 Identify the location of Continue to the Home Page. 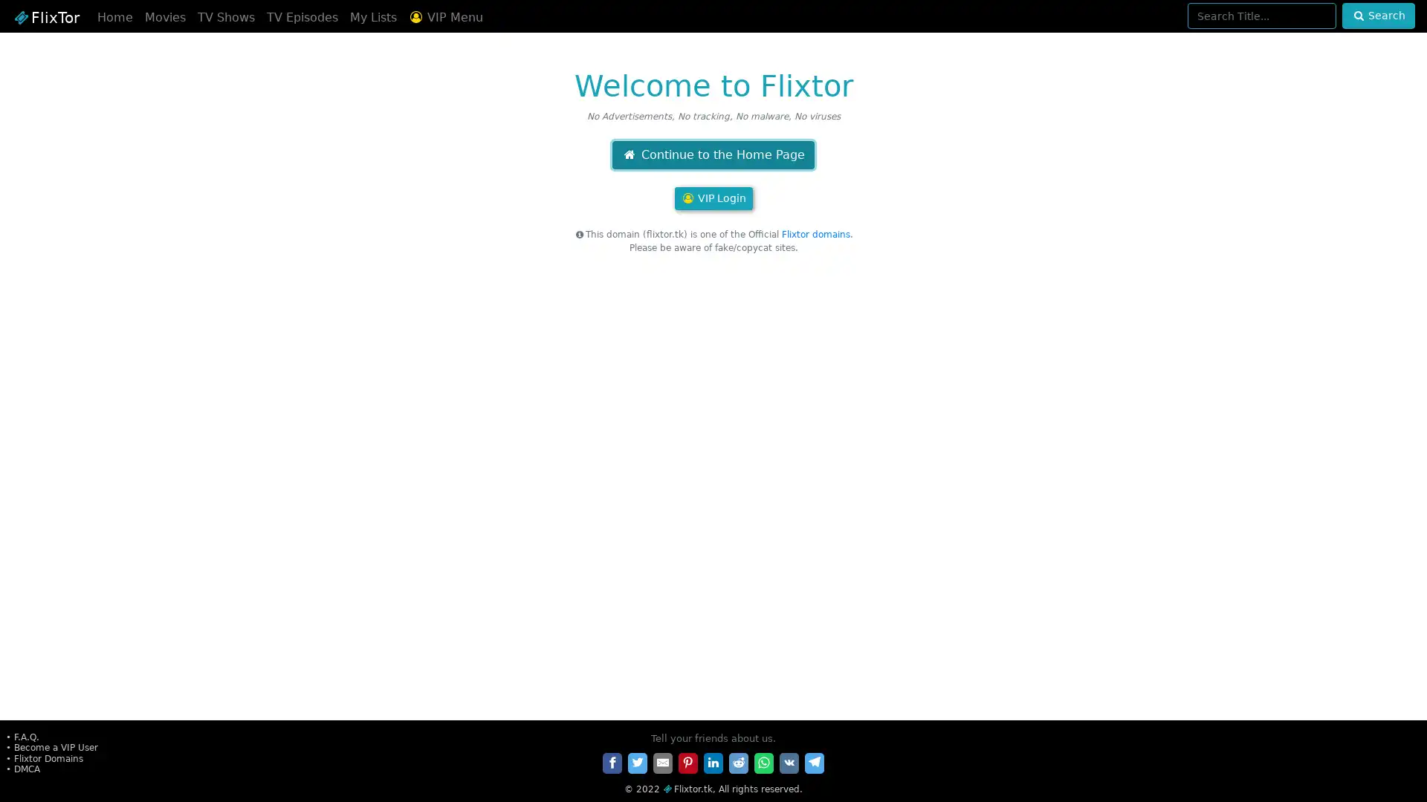
(712, 154).